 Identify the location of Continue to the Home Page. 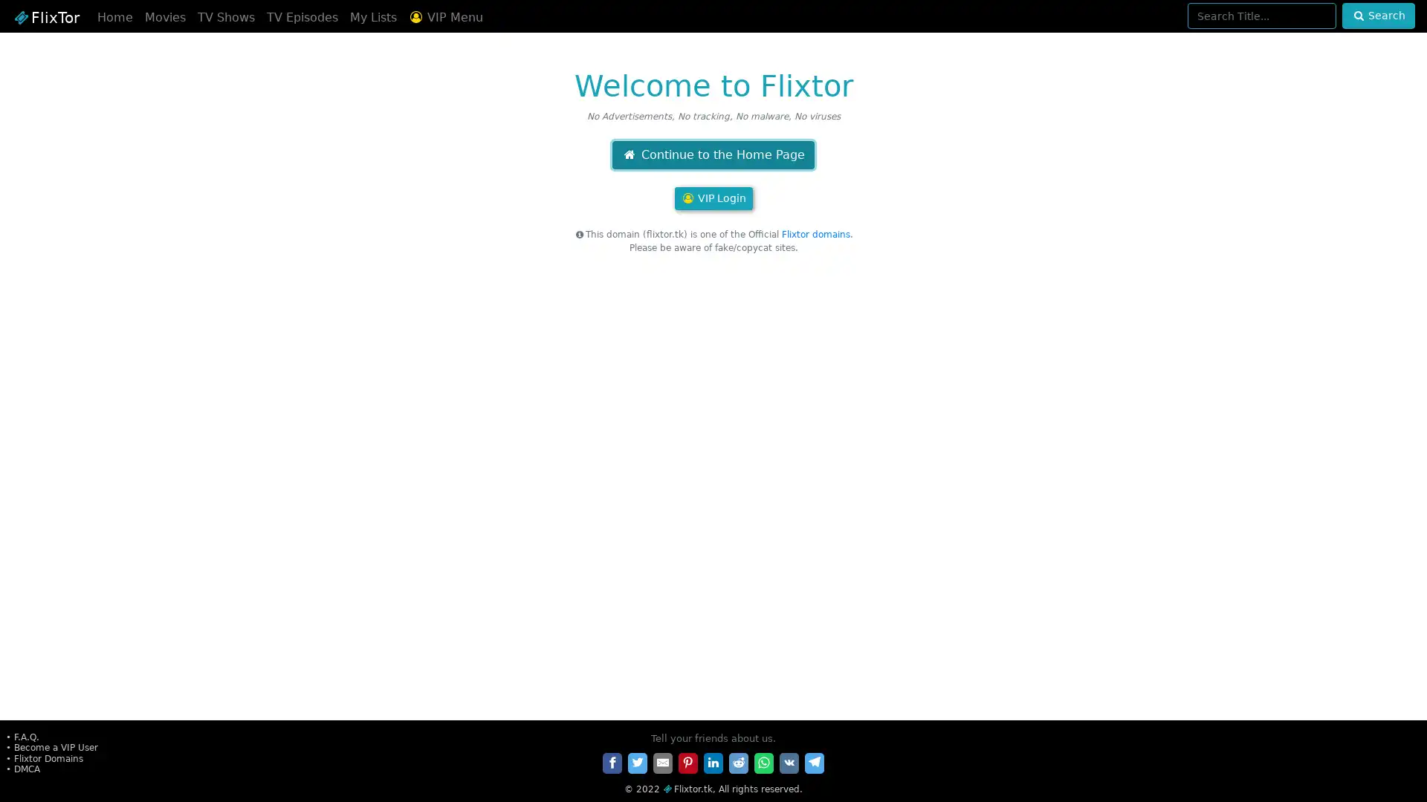
(712, 154).